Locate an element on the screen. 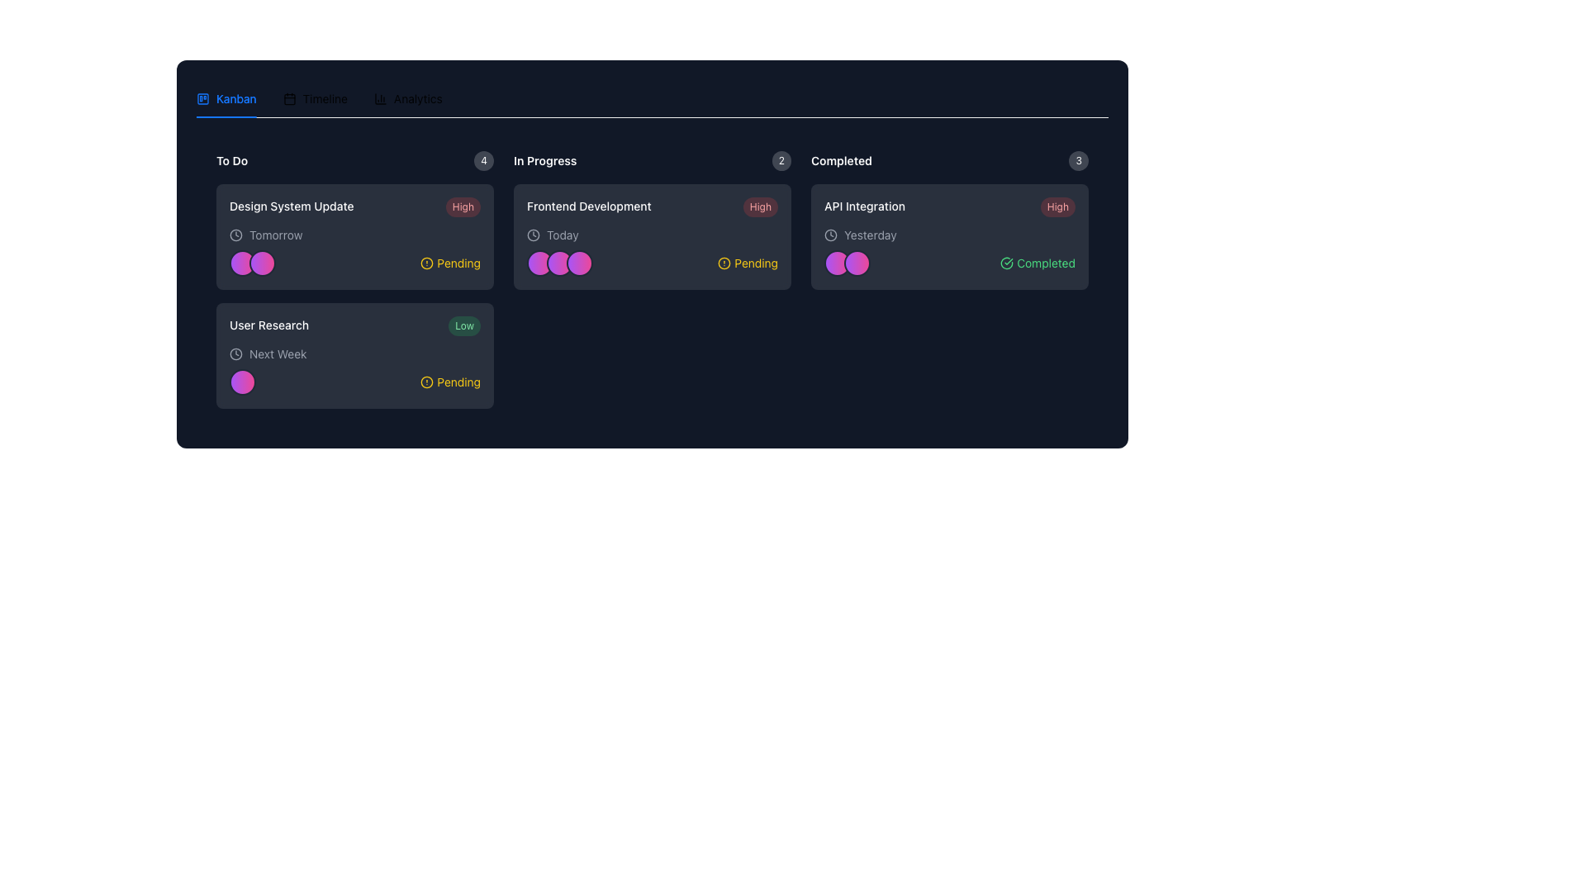 This screenshot has height=892, width=1586. the minimalist clock icon with a circular outline located in the 'To Do' column, positioned to the left of the 'Tomorrow' label is located at coordinates (235, 235).